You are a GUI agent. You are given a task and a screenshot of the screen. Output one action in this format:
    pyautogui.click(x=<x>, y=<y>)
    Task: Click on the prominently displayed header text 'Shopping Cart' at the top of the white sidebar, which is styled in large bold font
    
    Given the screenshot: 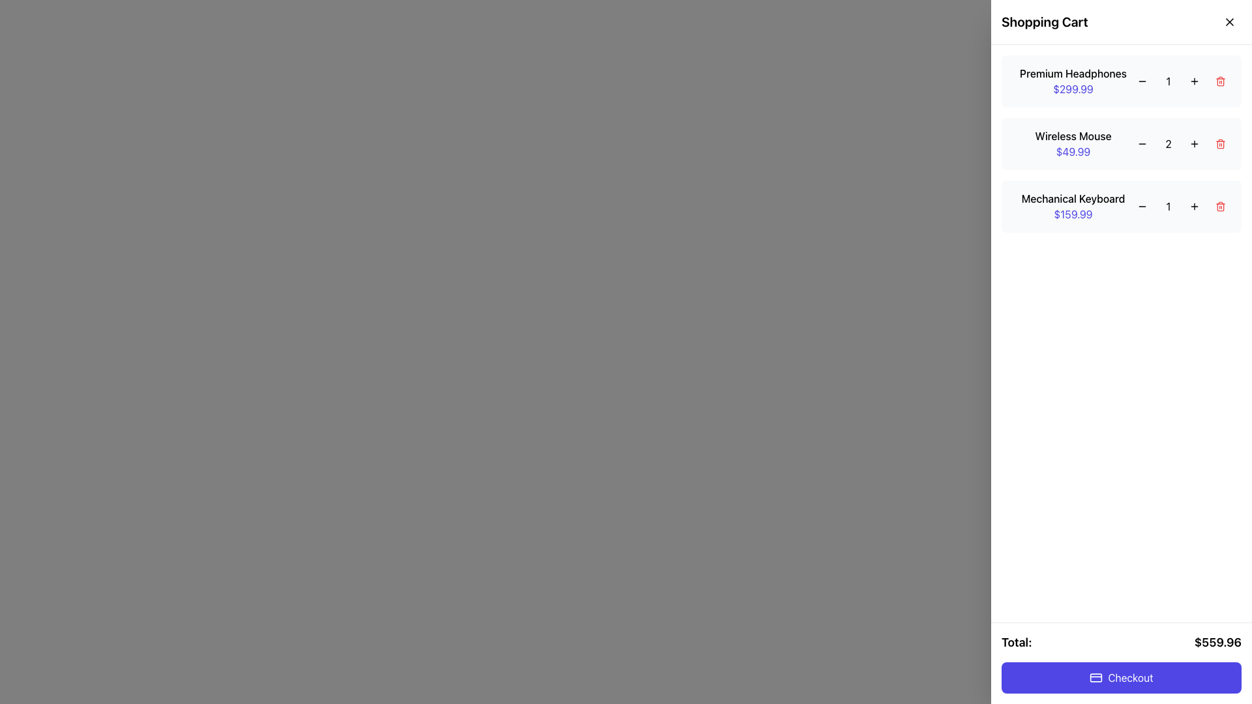 What is the action you would take?
    pyautogui.click(x=1045, y=22)
    